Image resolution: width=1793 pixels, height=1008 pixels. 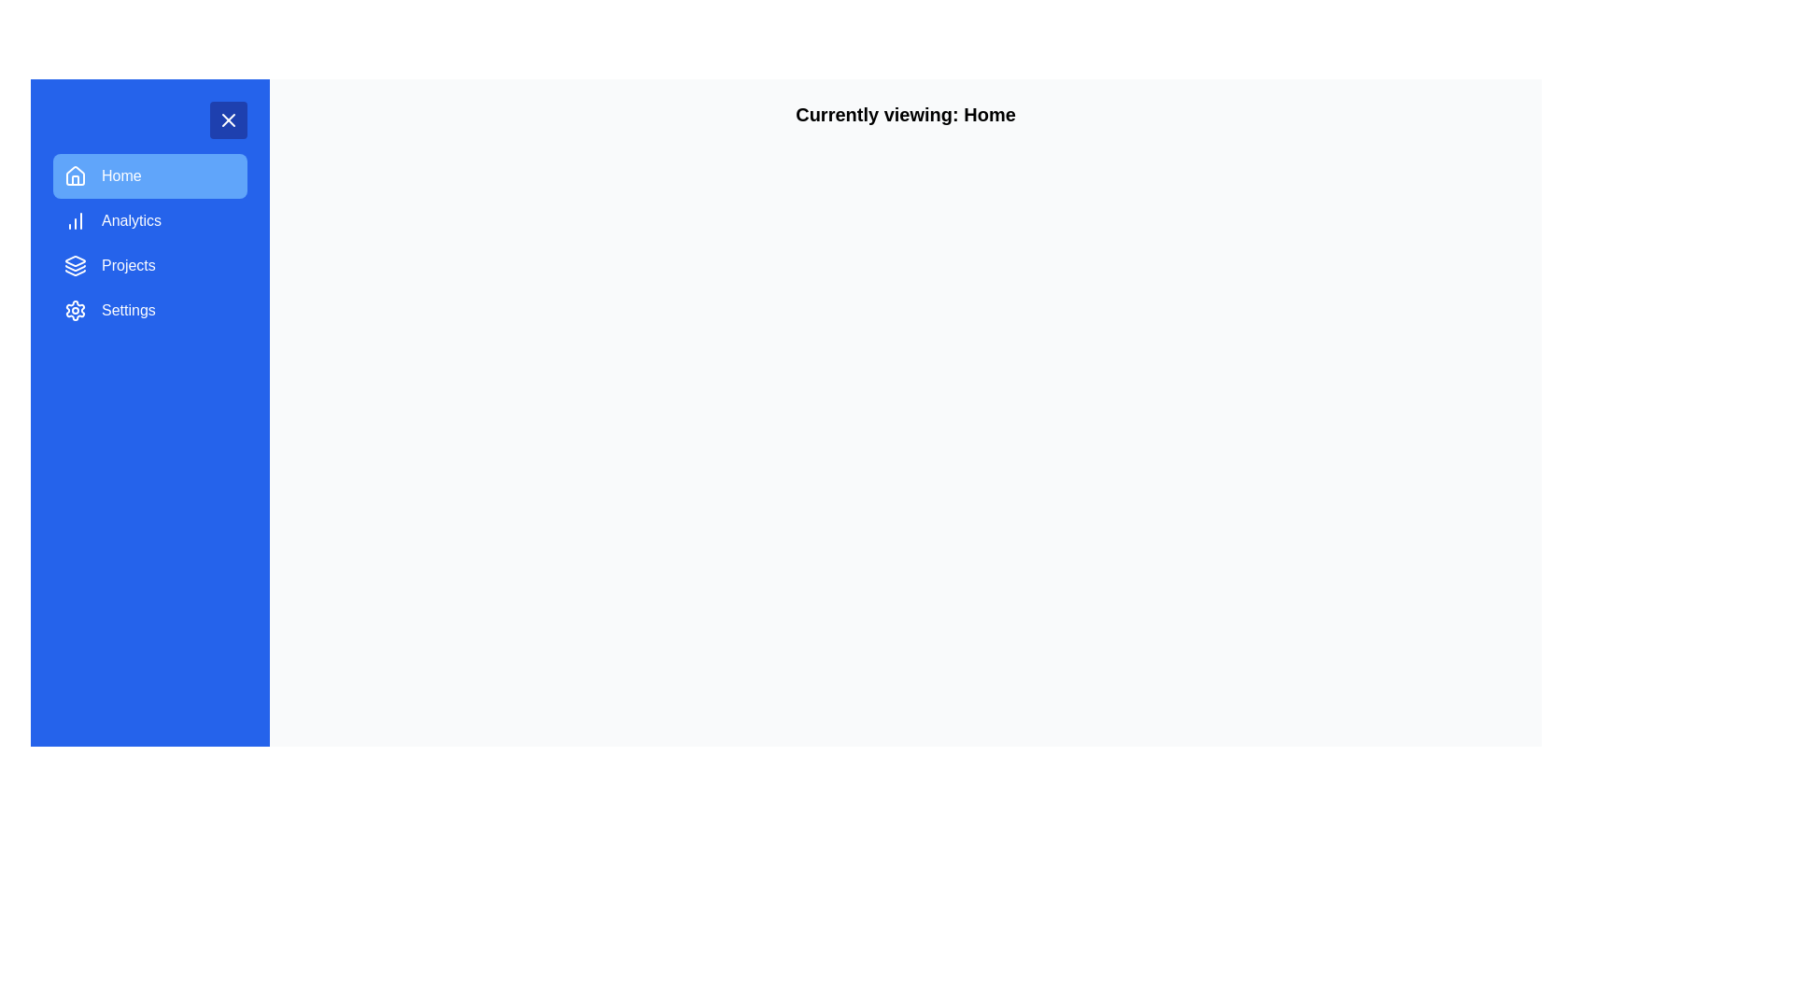 What do you see at coordinates (120, 176) in the screenshot?
I see `the 'Home' navigation link button located in the top-left section of the sidebar` at bounding box center [120, 176].